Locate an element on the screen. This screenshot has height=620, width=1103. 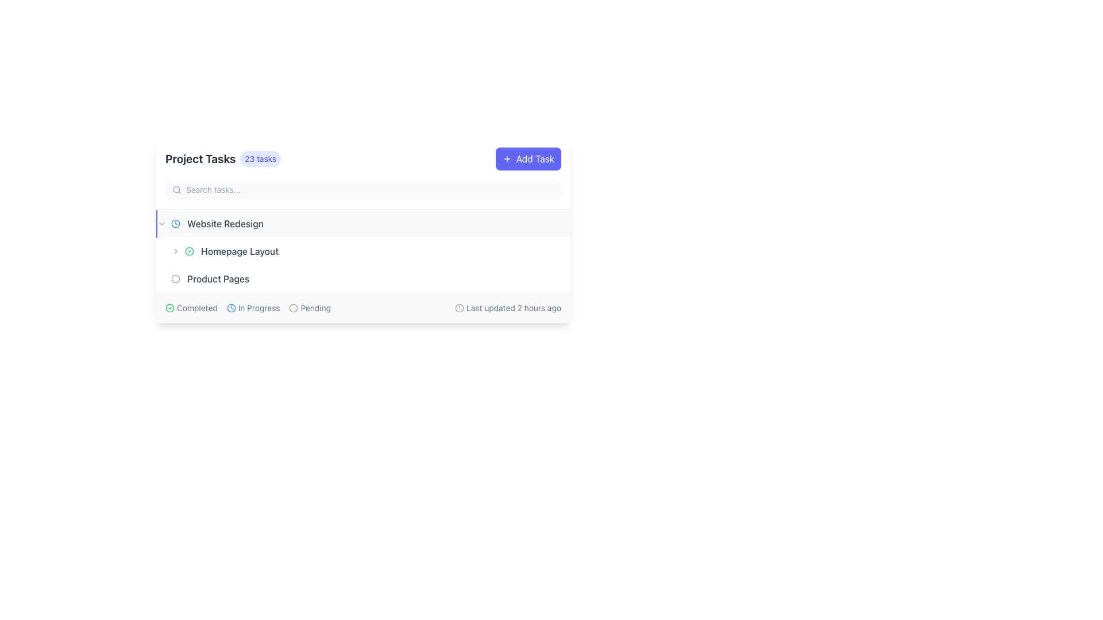
the task entry located below 'Homepage Layout' within the 'Project Tasks' section is located at coordinates (362, 279).